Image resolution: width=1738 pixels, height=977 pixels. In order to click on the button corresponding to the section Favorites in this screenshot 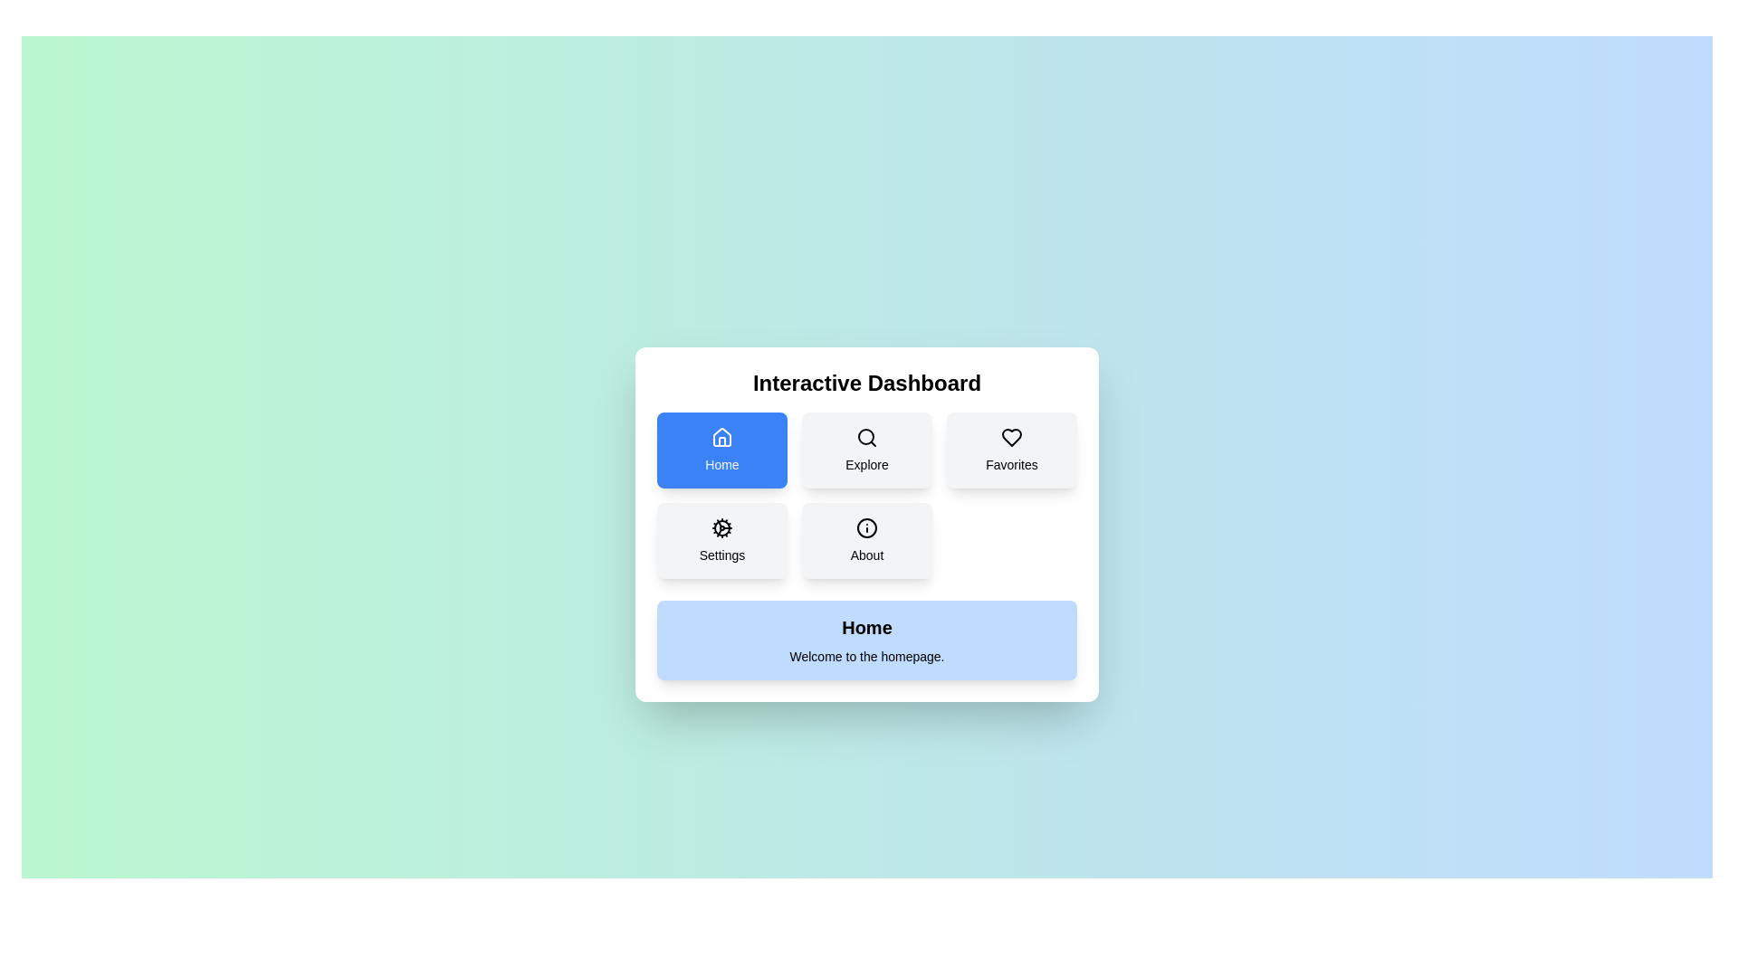, I will do `click(1011, 449)`.